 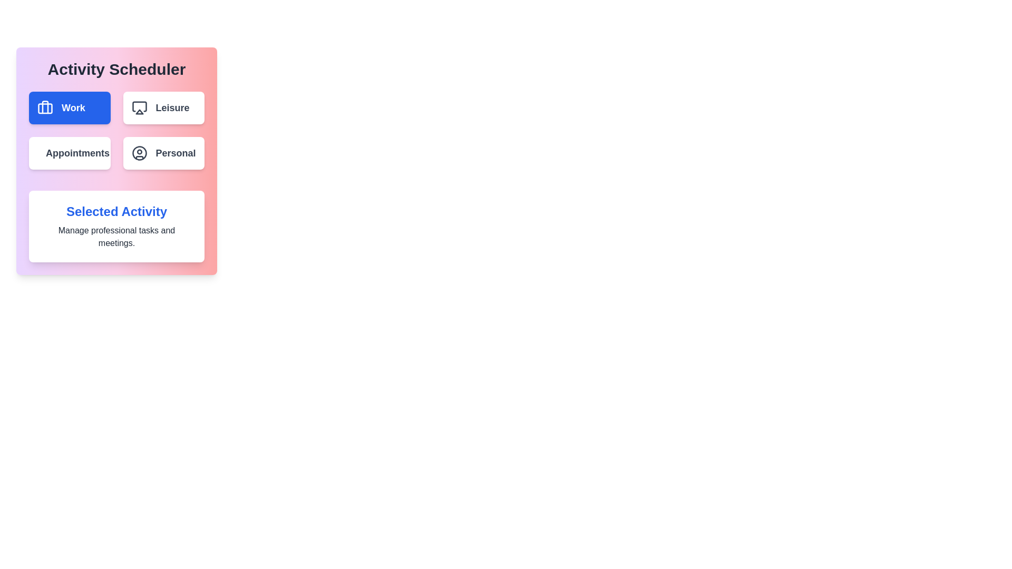 What do you see at coordinates (139, 106) in the screenshot?
I see `the 'Leisure' icon located in the top-right of the button grid` at bounding box center [139, 106].